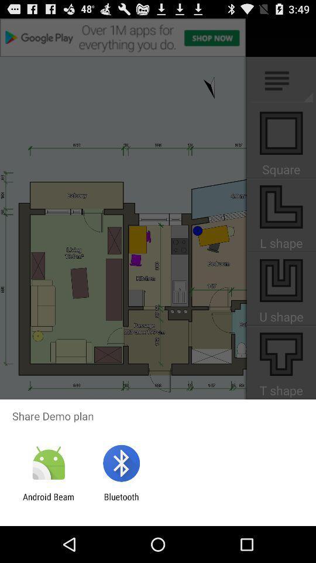  I want to click on bluetooth item, so click(121, 501).